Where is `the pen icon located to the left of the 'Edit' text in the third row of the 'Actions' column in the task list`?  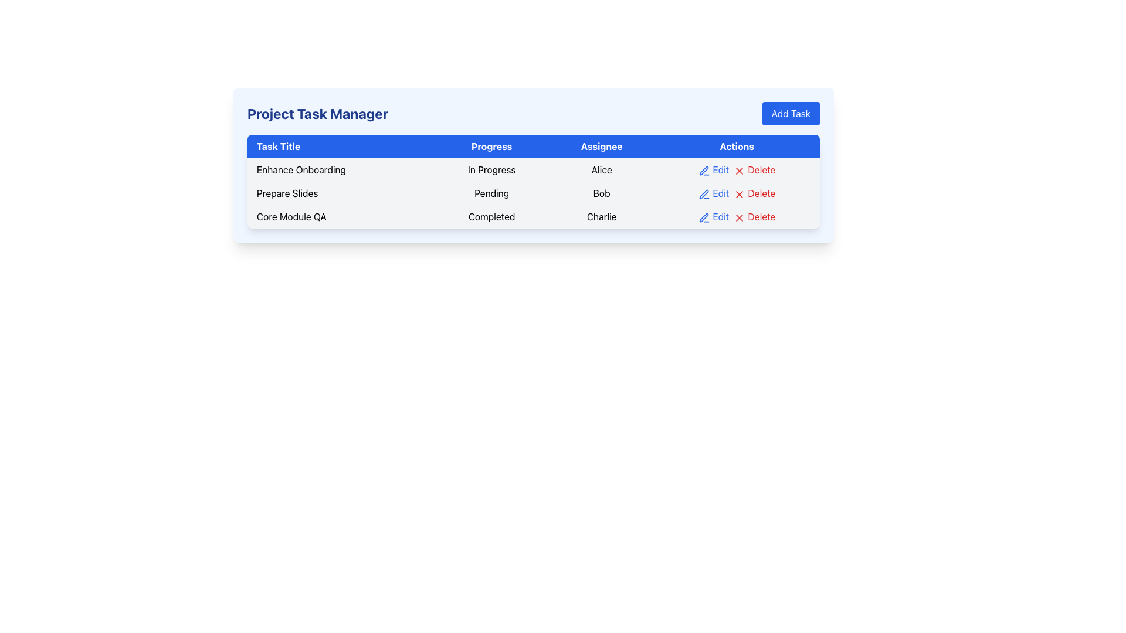
the pen icon located to the left of the 'Edit' text in the third row of the 'Actions' column in the task list is located at coordinates (704, 217).